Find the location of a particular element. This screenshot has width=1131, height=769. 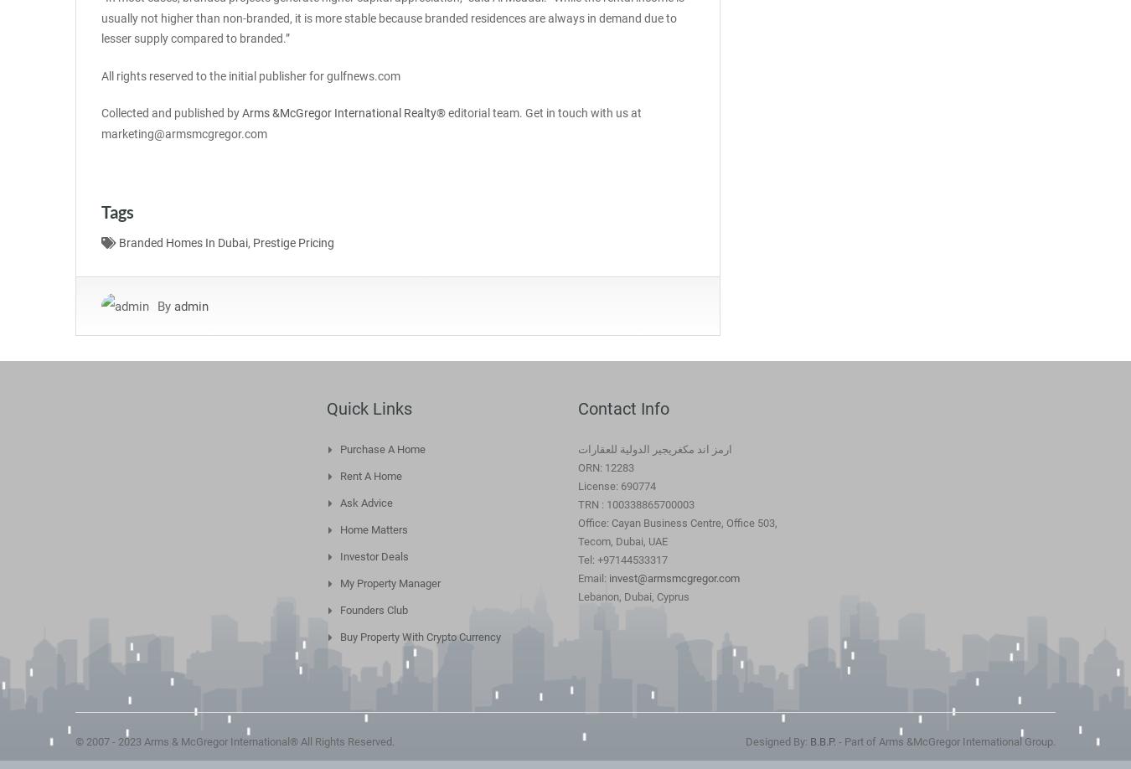

'License: 690774' is located at coordinates (616, 484).